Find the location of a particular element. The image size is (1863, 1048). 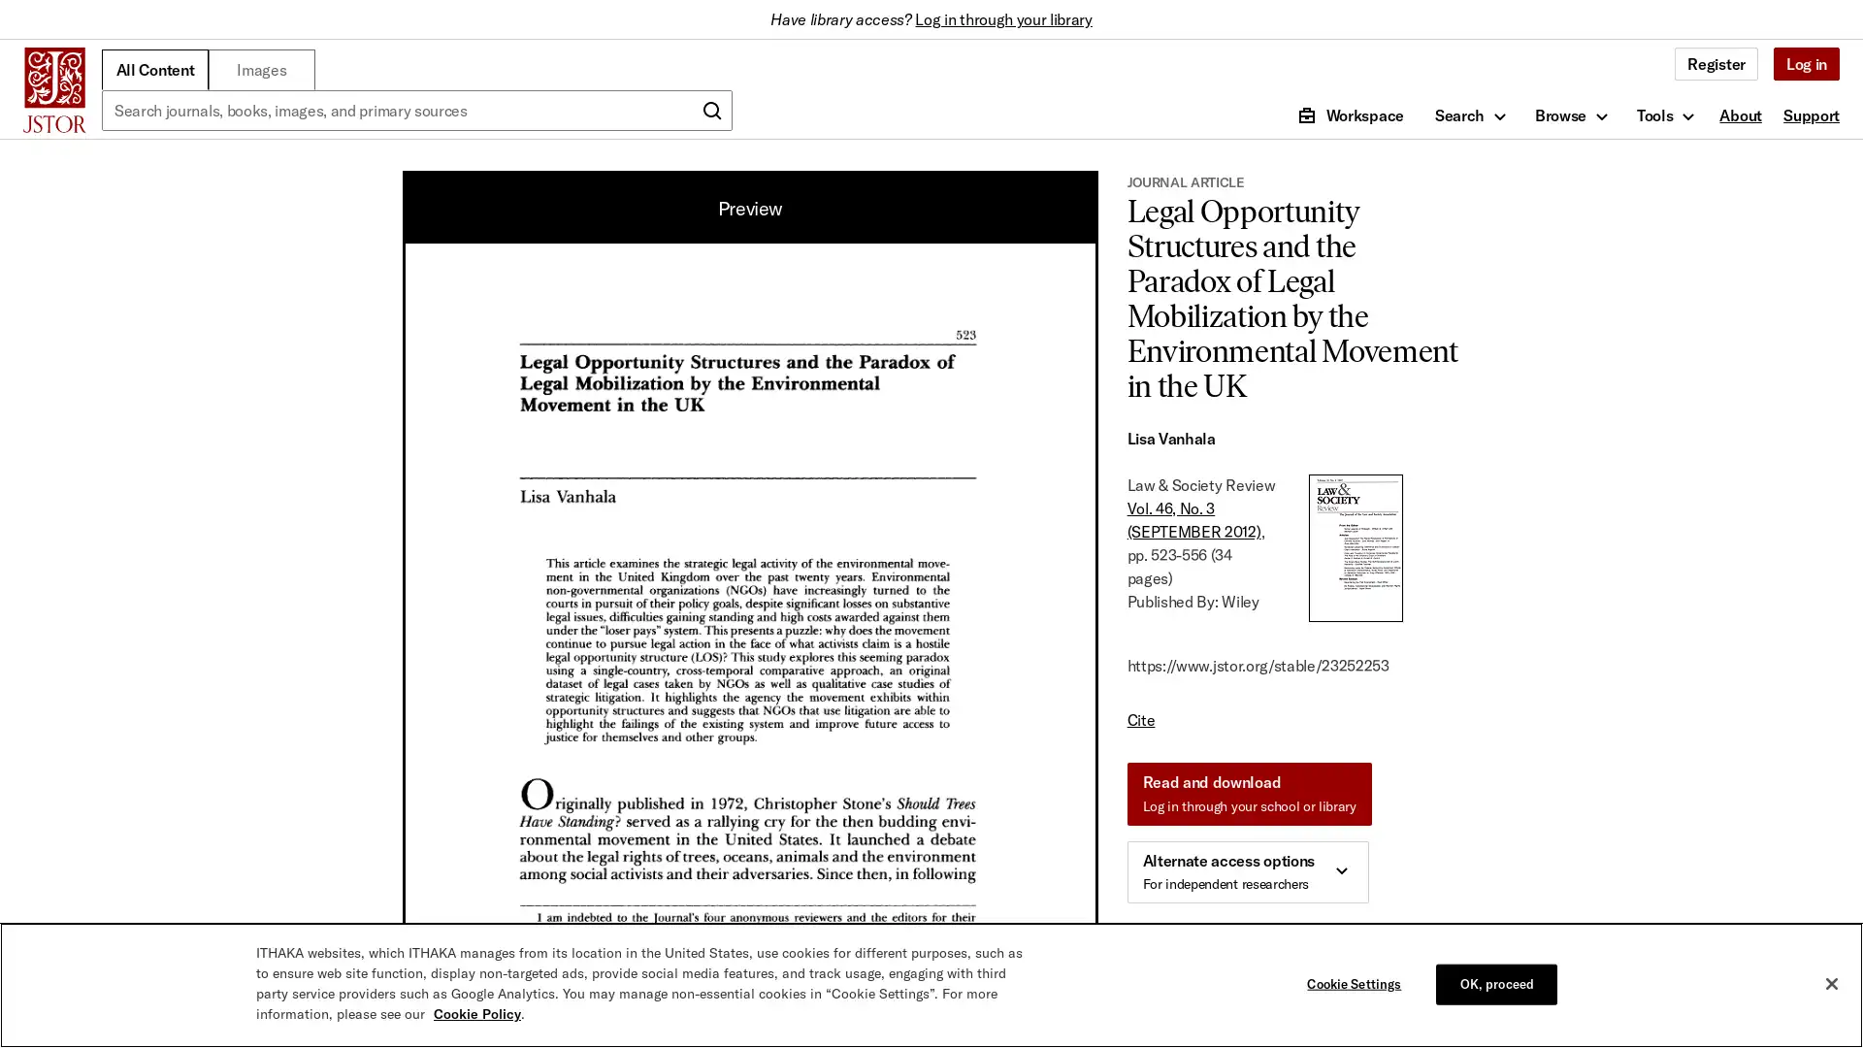

Register is located at coordinates (1716, 62).